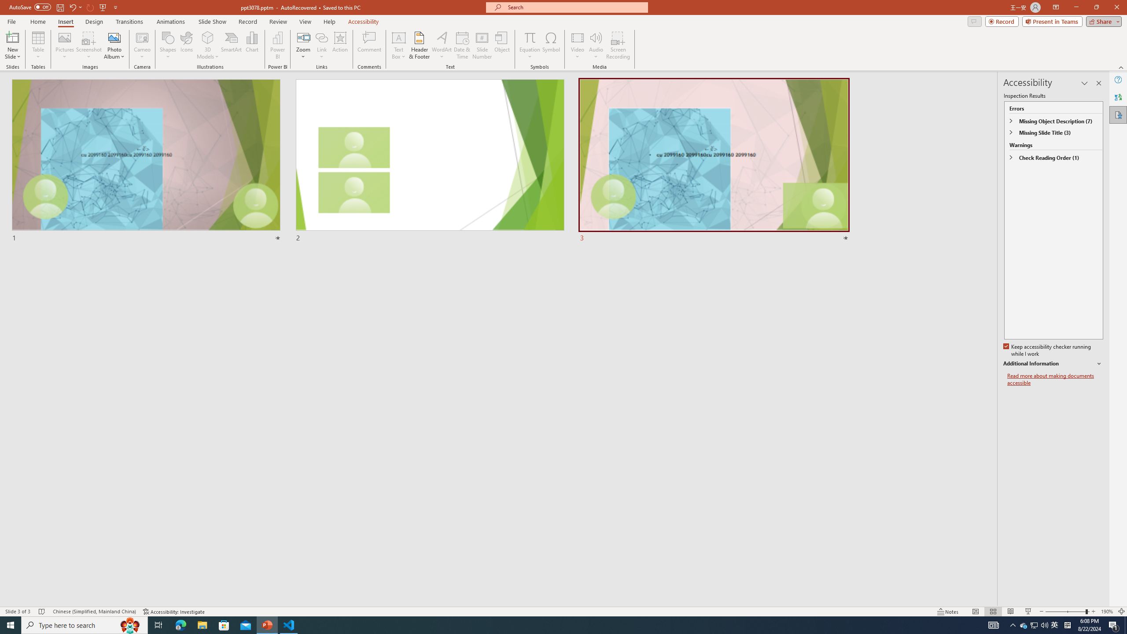  What do you see at coordinates (142, 45) in the screenshot?
I see `'Cameo'` at bounding box center [142, 45].